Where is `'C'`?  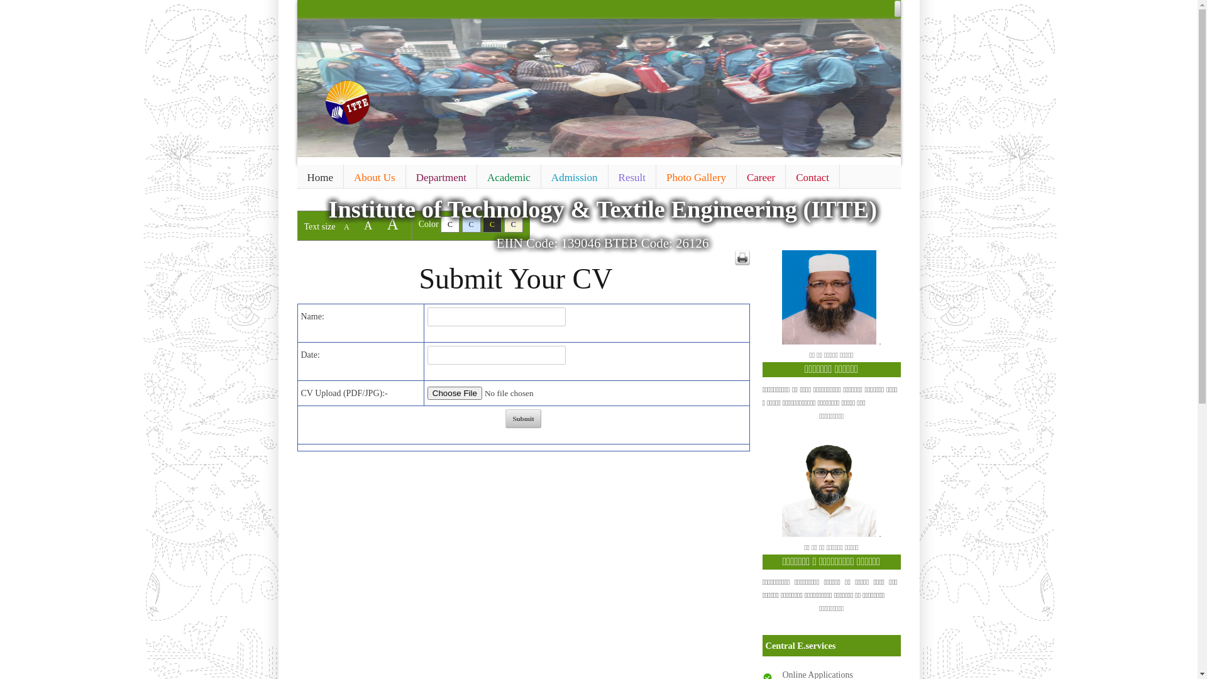
'C' is located at coordinates (513, 224).